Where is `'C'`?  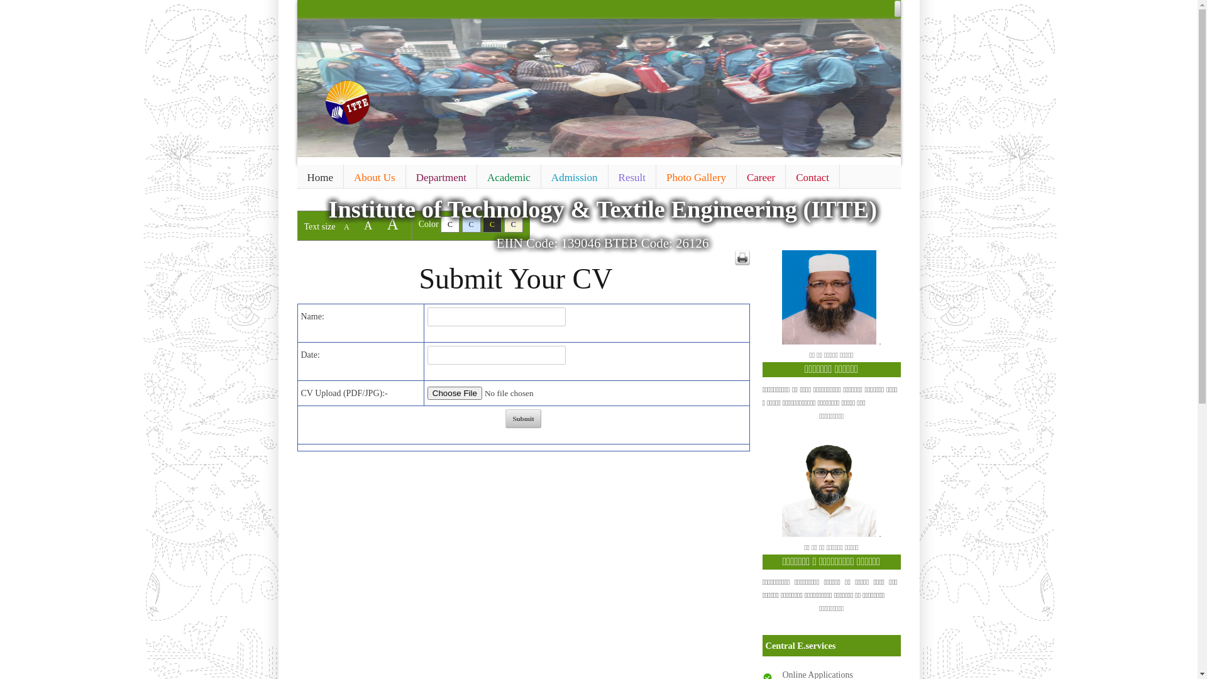
'C' is located at coordinates (513, 224).